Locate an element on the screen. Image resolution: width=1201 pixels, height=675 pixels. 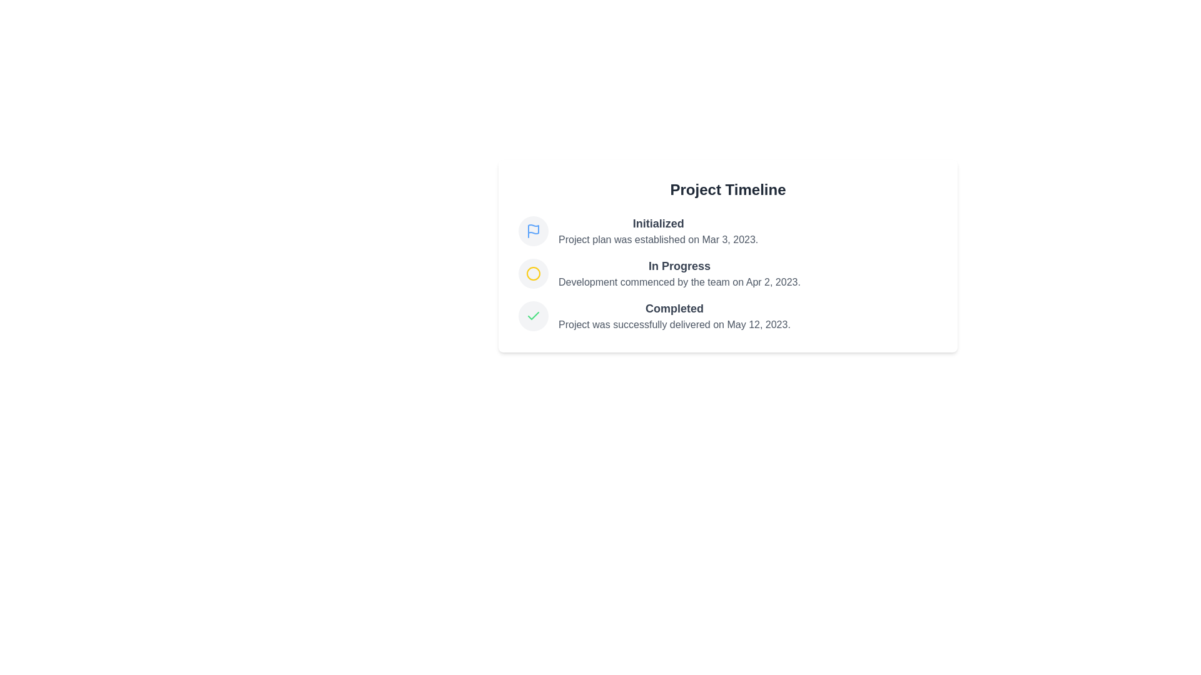
the 'Initialized' milestone icon located at the leftmost side of the first row in the 'Project Timeline' section, adjacent to the text 'Initialized' and its subtitle 'Project plan was established on Mar 3, 2023.' is located at coordinates (534, 231).